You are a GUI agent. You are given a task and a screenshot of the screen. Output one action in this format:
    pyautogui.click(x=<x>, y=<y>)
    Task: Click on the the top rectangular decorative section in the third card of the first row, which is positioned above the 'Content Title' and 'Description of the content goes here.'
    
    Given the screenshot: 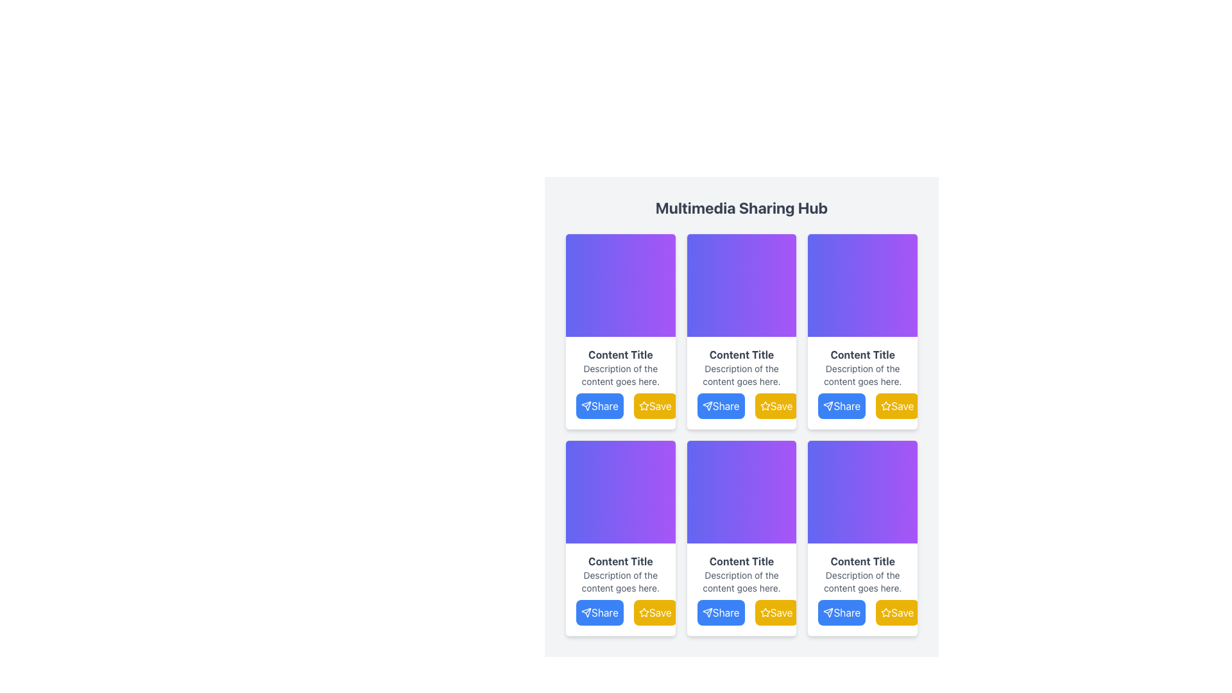 What is the action you would take?
    pyautogui.click(x=862, y=284)
    